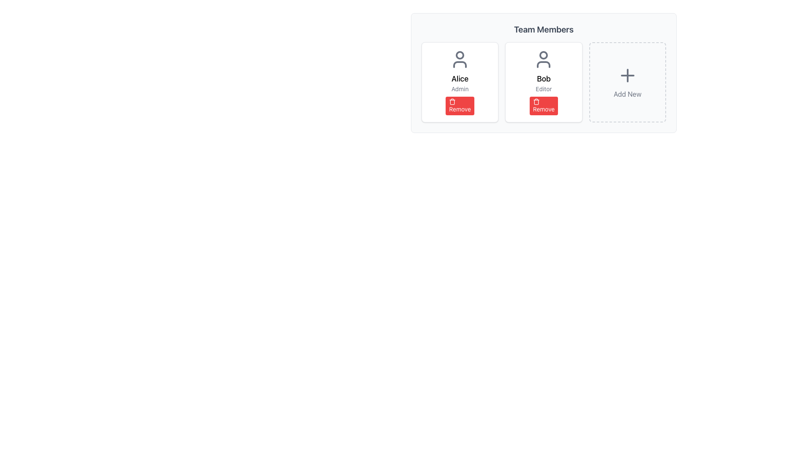 This screenshot has width=811, height=456. I want to click on the 'Add New' button icon, which represents the action of adding a new item, so click(627, 75).